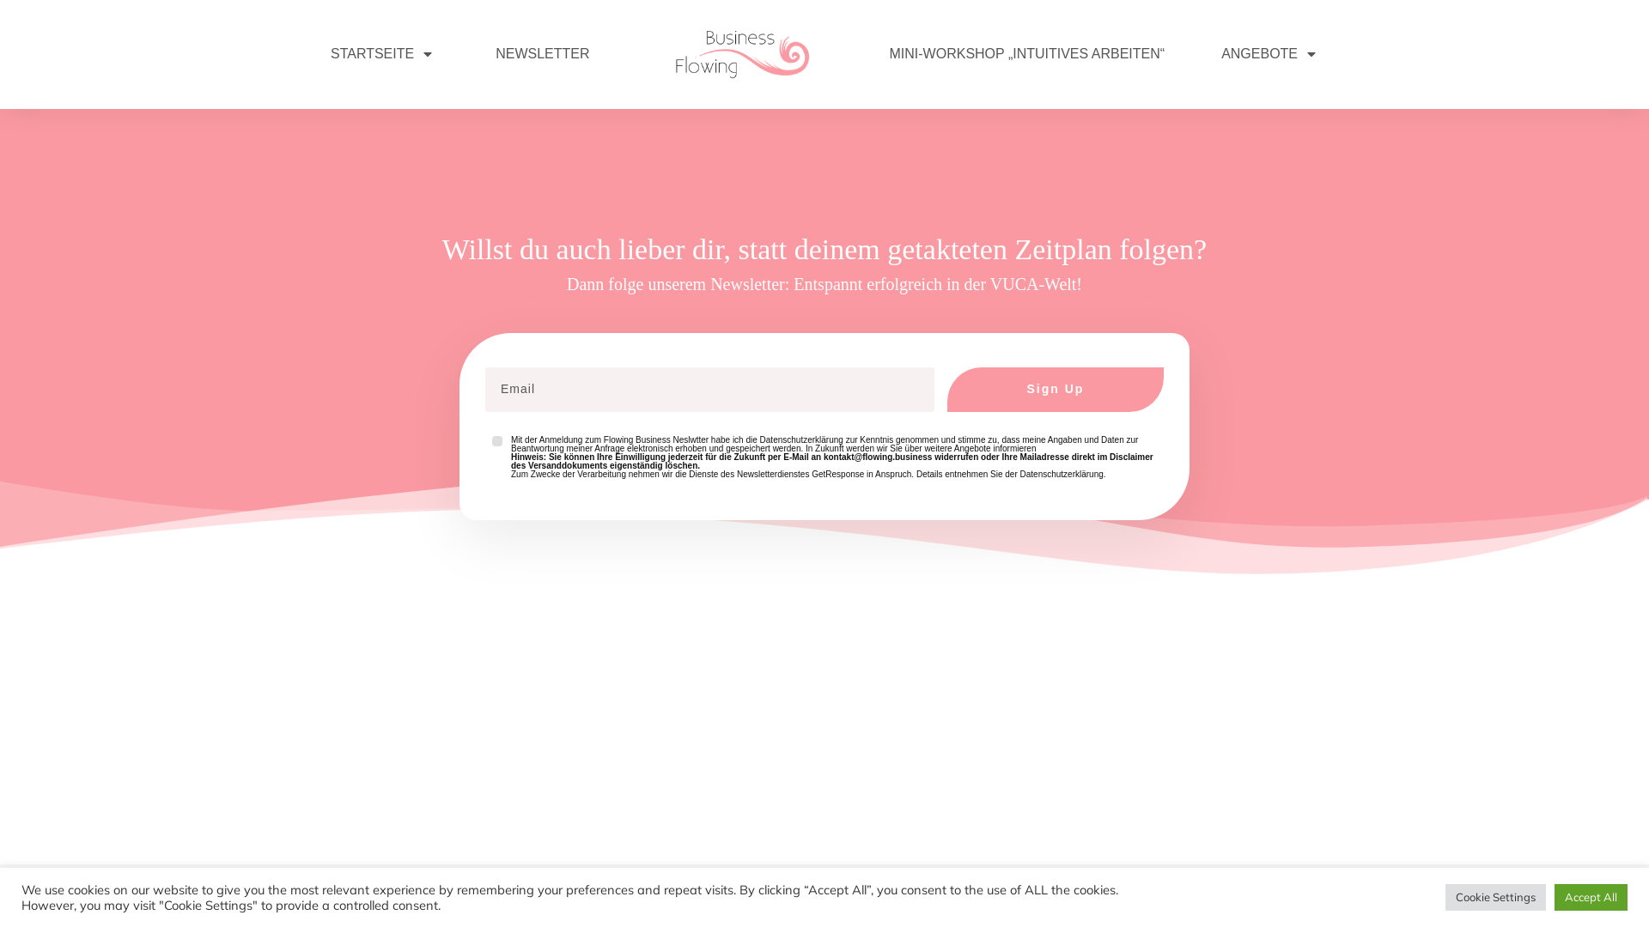 The width and height of the screenshot is (1649, 927). What do you see at coordinates (1054, 389) in the screenshot?
I see `'Sign Up'` at bounding box center [1054, 389].